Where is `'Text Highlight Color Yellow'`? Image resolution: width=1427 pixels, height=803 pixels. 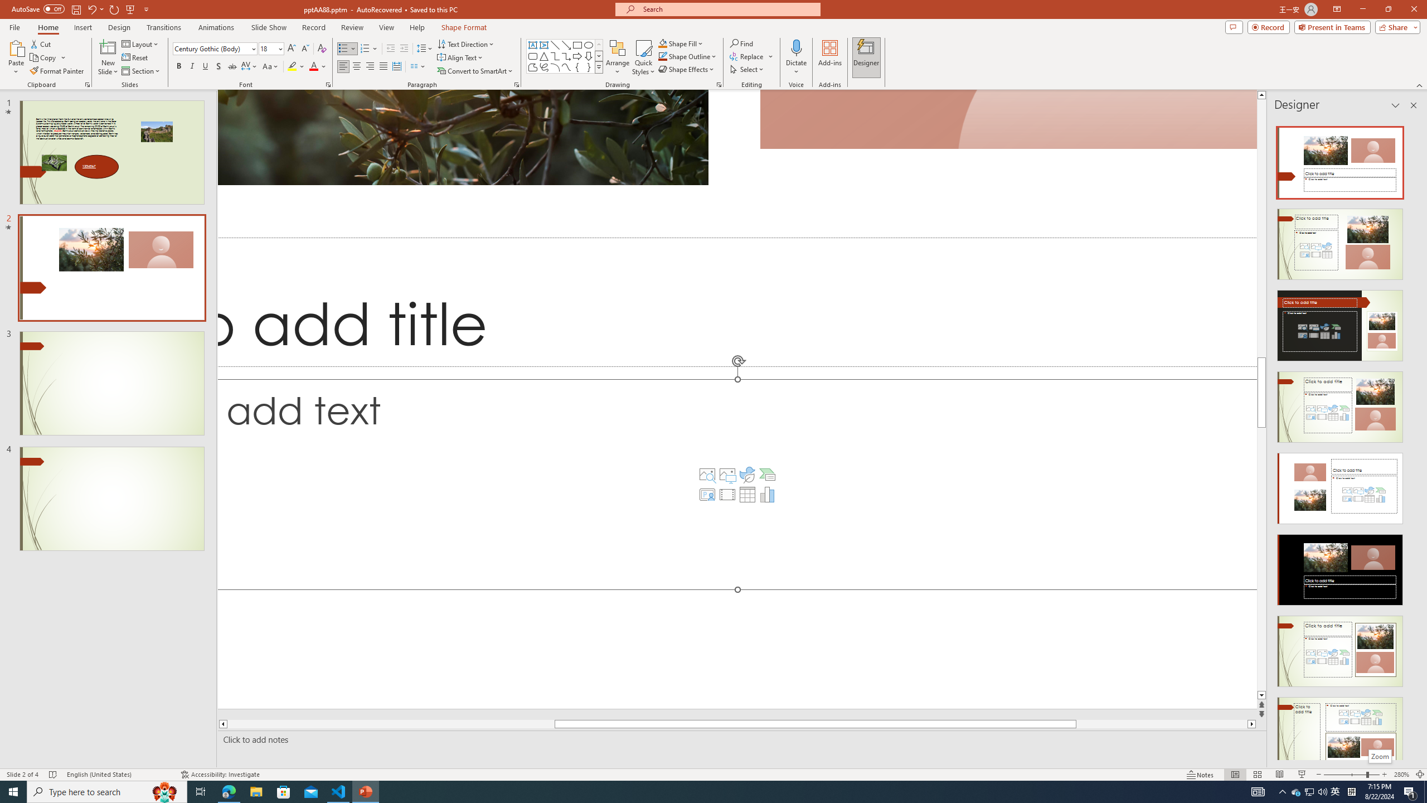
'Text Highlight Color Yellow' is located at coordinates (291, 66).